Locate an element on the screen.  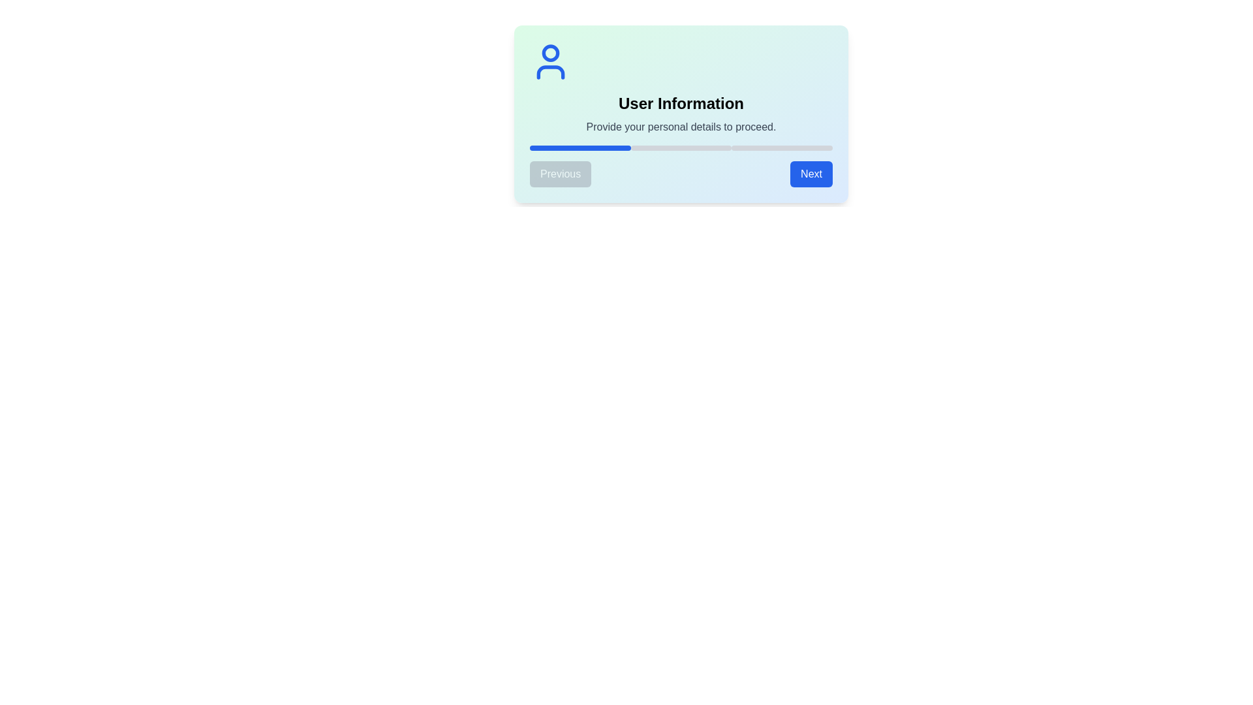
'Previous' button to go back to the previous step is located at coordinates (561, 173).